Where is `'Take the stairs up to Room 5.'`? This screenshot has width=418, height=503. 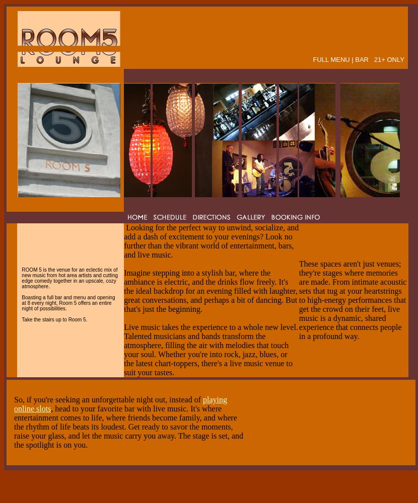
'Take the stairs up to Room 5.' is located at coordinates (54, 319).